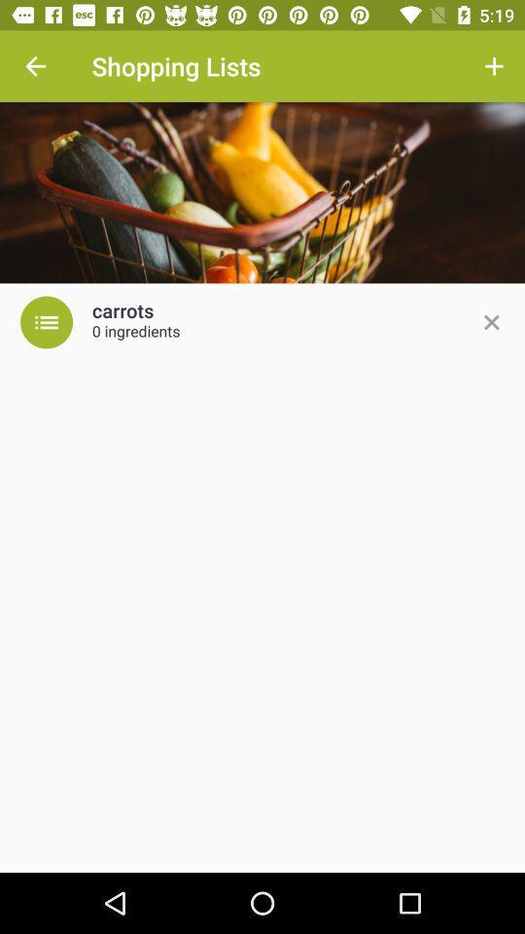  Describe the element at coordinates (494, 66) in the screenshot. I see `the item to the right of the shopping lists icon` at that location.